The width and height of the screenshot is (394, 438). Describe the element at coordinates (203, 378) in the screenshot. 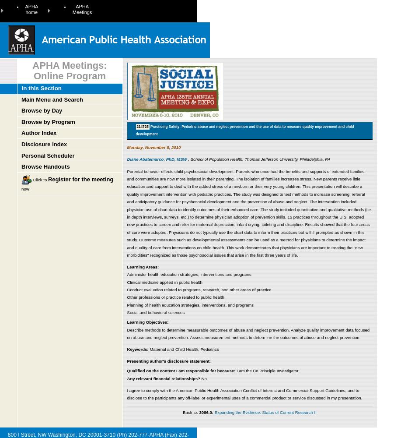

I see `'No'` at that location.